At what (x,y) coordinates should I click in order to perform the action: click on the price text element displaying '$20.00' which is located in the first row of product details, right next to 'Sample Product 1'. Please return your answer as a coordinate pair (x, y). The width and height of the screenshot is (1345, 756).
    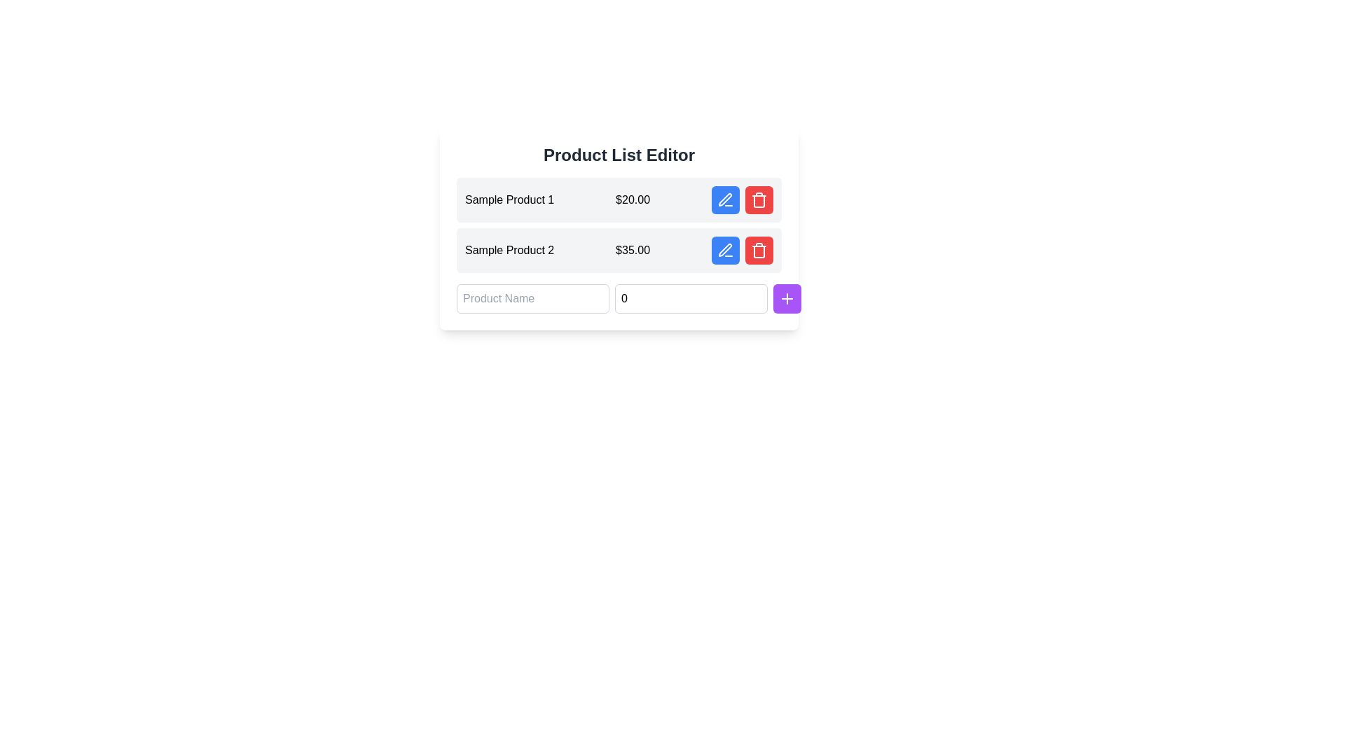
    Looking at the image, I should click on (632, 199).